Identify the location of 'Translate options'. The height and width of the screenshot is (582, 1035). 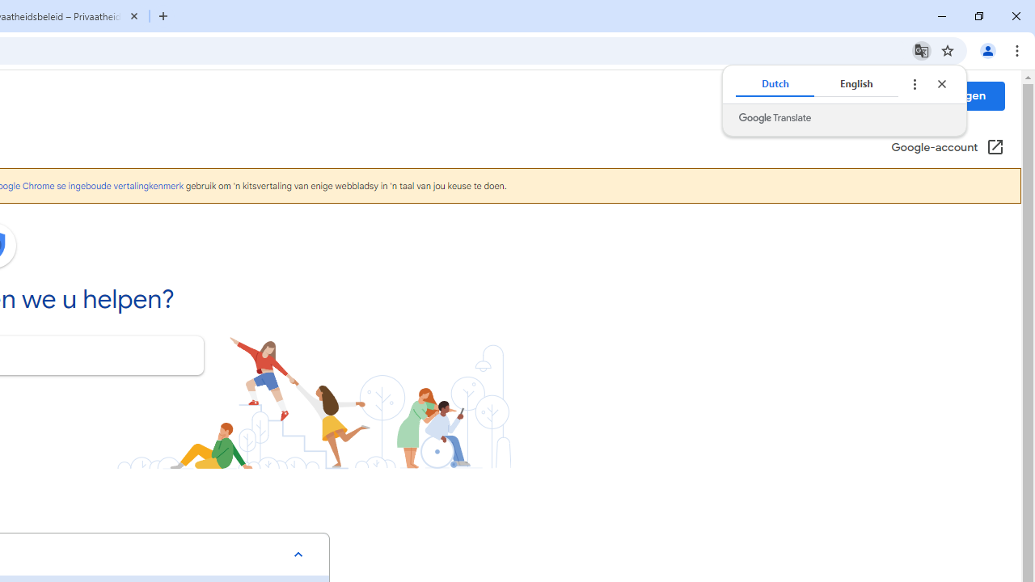
(914, 84).